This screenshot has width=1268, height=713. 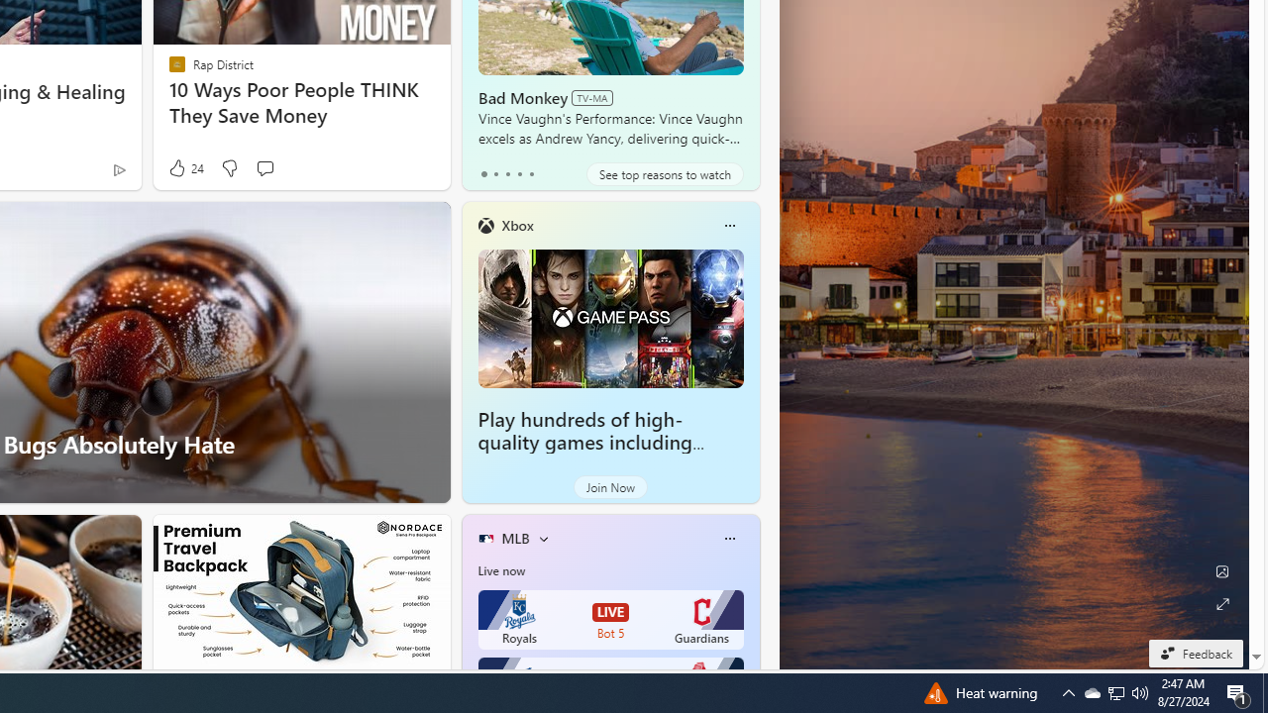 What do you see at coordinates (531, 173) in the screenshot?
I see `'tab-4'` at bounding box center [531, 173].